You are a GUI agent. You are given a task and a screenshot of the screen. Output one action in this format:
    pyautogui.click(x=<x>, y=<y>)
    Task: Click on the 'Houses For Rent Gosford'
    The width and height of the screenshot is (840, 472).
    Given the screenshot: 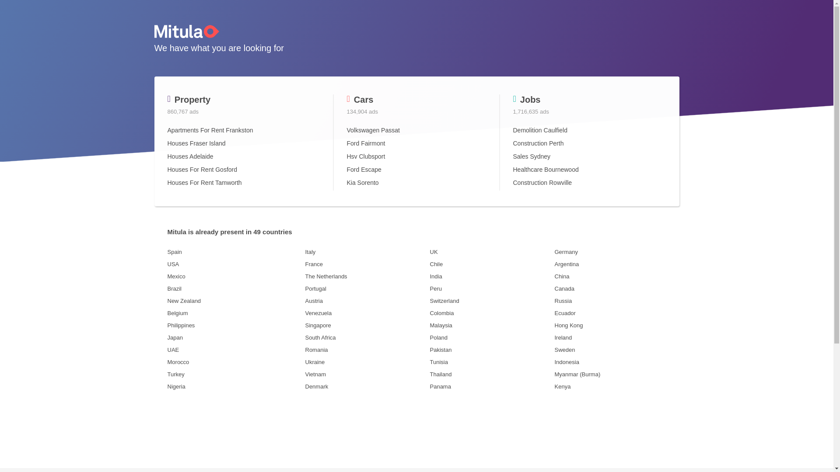 What is the action you would take?
    pyautogui.click(x=201, y=170)
    